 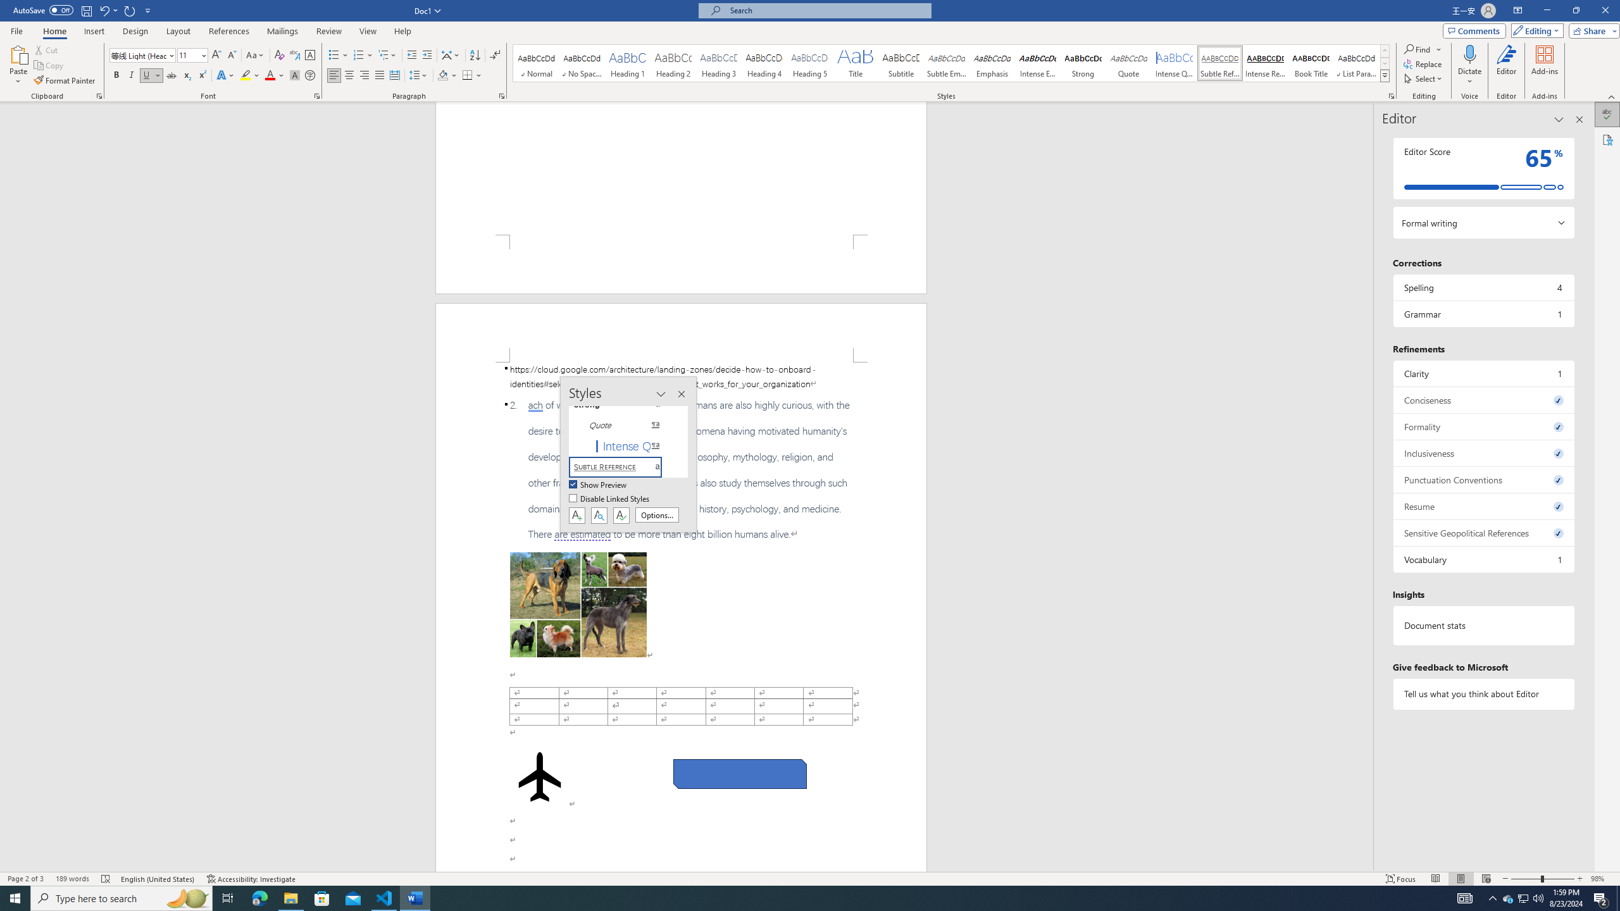 What do you see at coordinates (25, 879) in the screenshot?
I see `'Page Number Page 2 of 3'` at bounding box center [25, 879].